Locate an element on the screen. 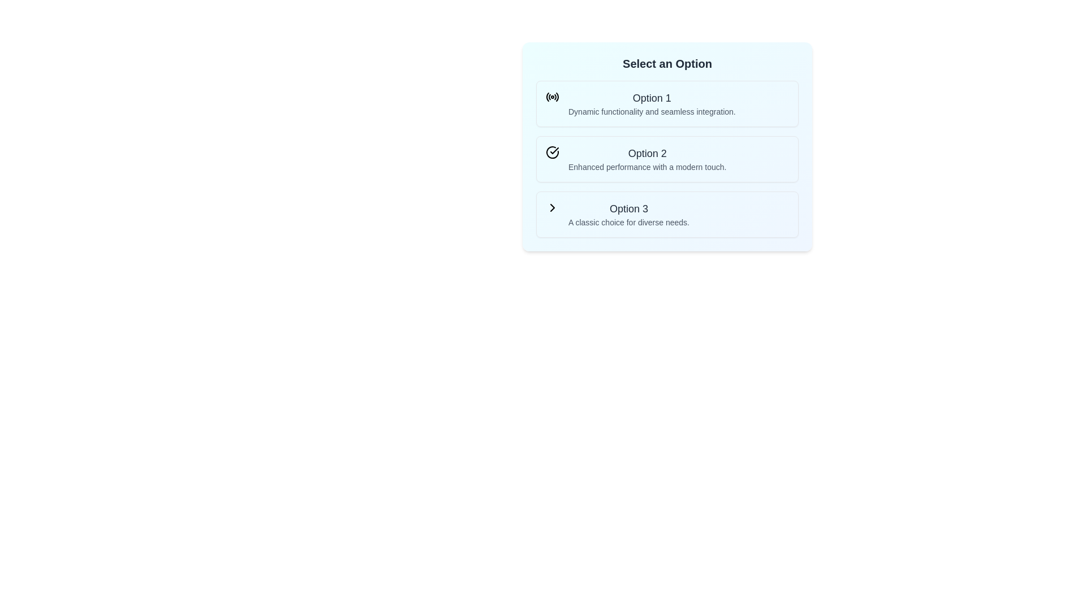 Image resolution: width=1086 pixels, height=610 pixels. the static text label displaying 'Option 1', which is located at the top of the interface under the heading 'Select an Option' is located at coordinates (652, 97).